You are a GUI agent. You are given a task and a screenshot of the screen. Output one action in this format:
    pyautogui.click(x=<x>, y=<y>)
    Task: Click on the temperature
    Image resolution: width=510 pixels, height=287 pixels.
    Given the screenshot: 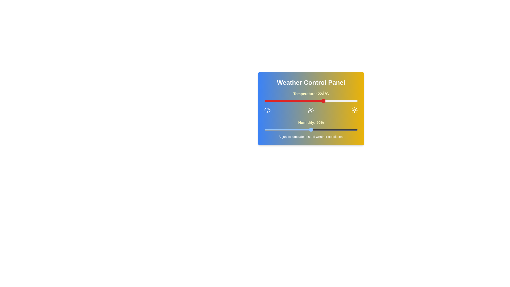 What is the action you would take?
    pyautogui.click(x=307, y=101)
    